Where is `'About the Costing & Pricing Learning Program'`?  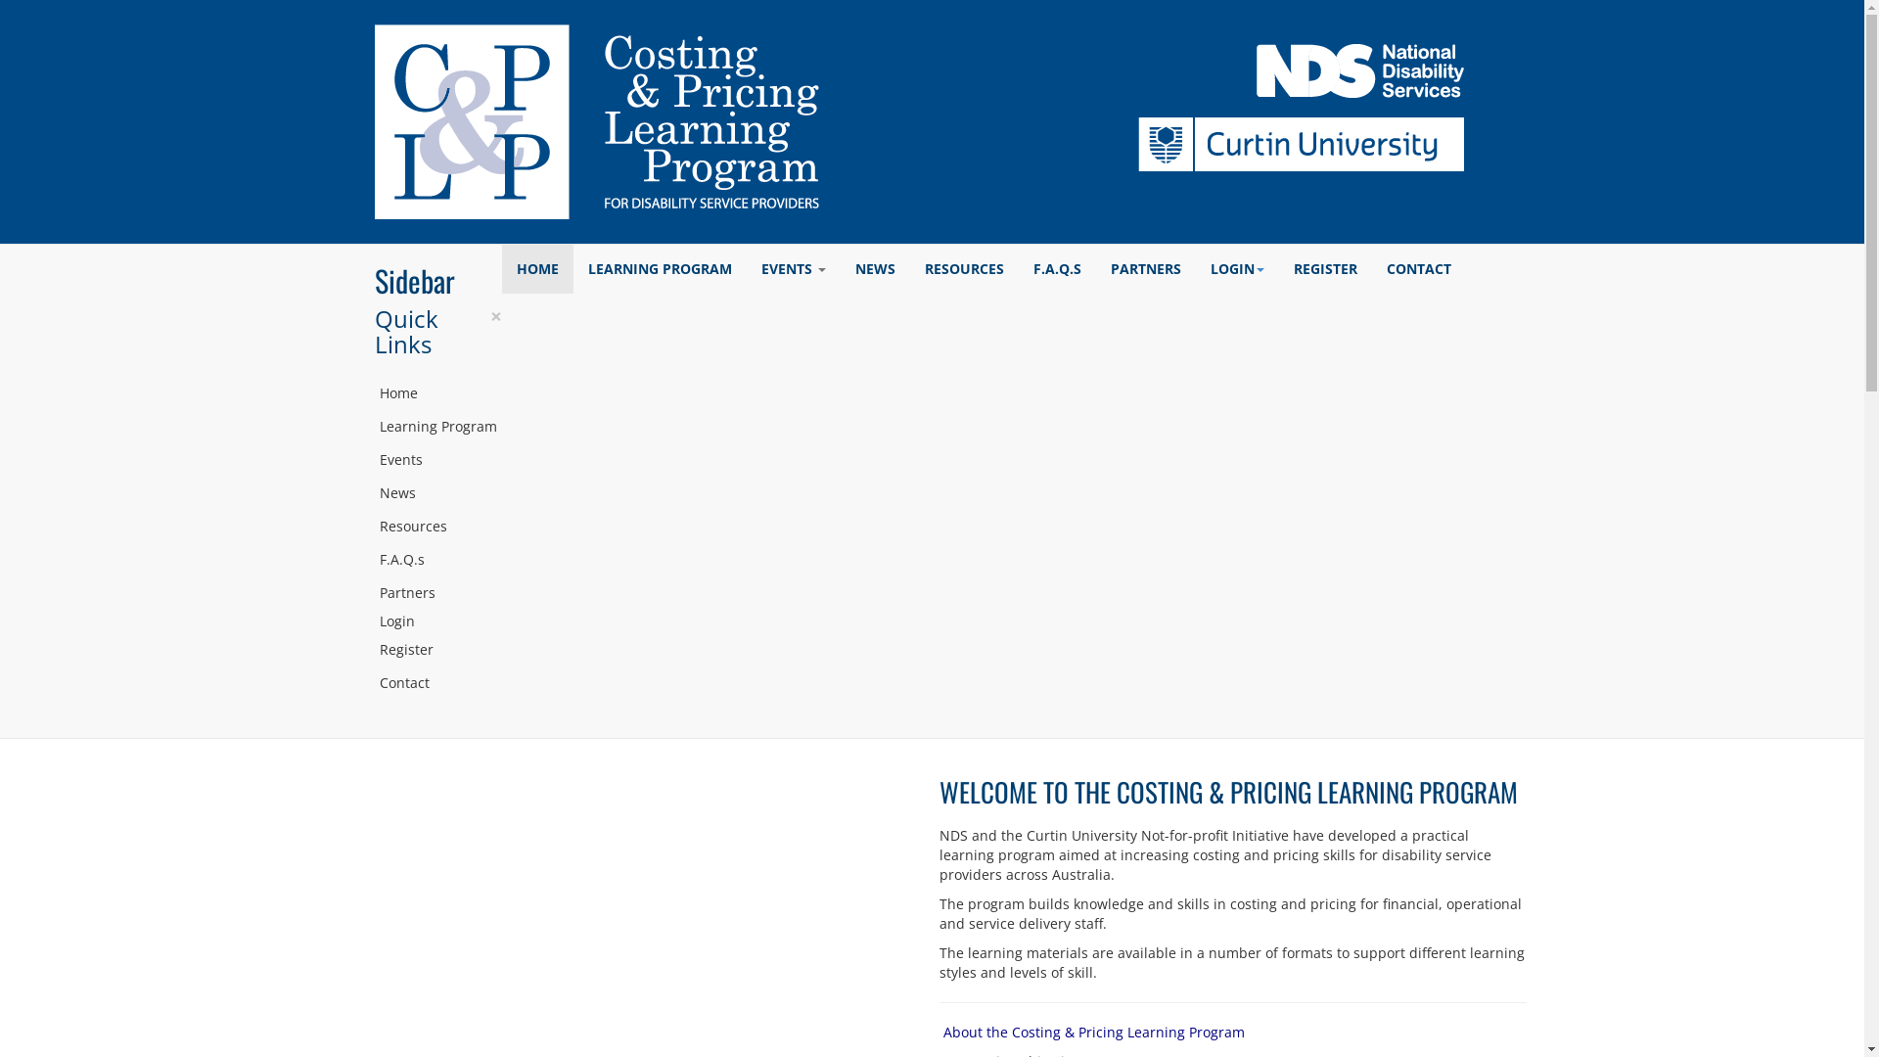
'About the Costing & Pricing Learning Program' is located at coordinates (1093, 1031).